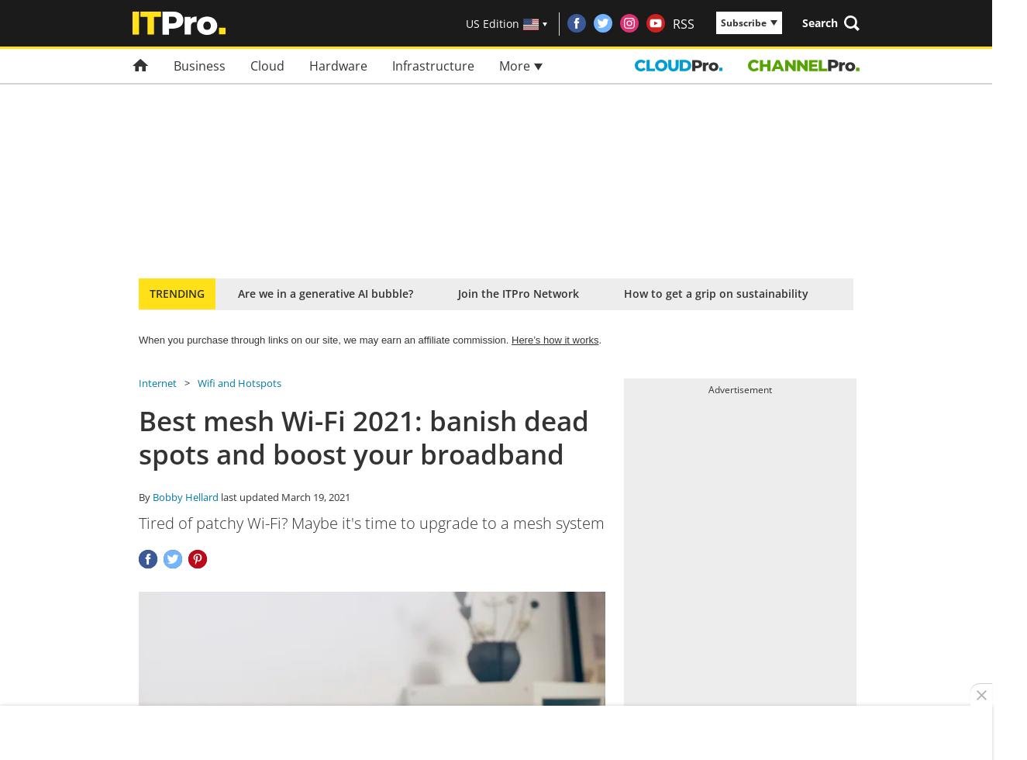 The height and width of the screenshot is (760, 1027). What do you see at coordinates (249, 496) in the screenshot?
I see `'last updated'` at bounding box center [249, 496].